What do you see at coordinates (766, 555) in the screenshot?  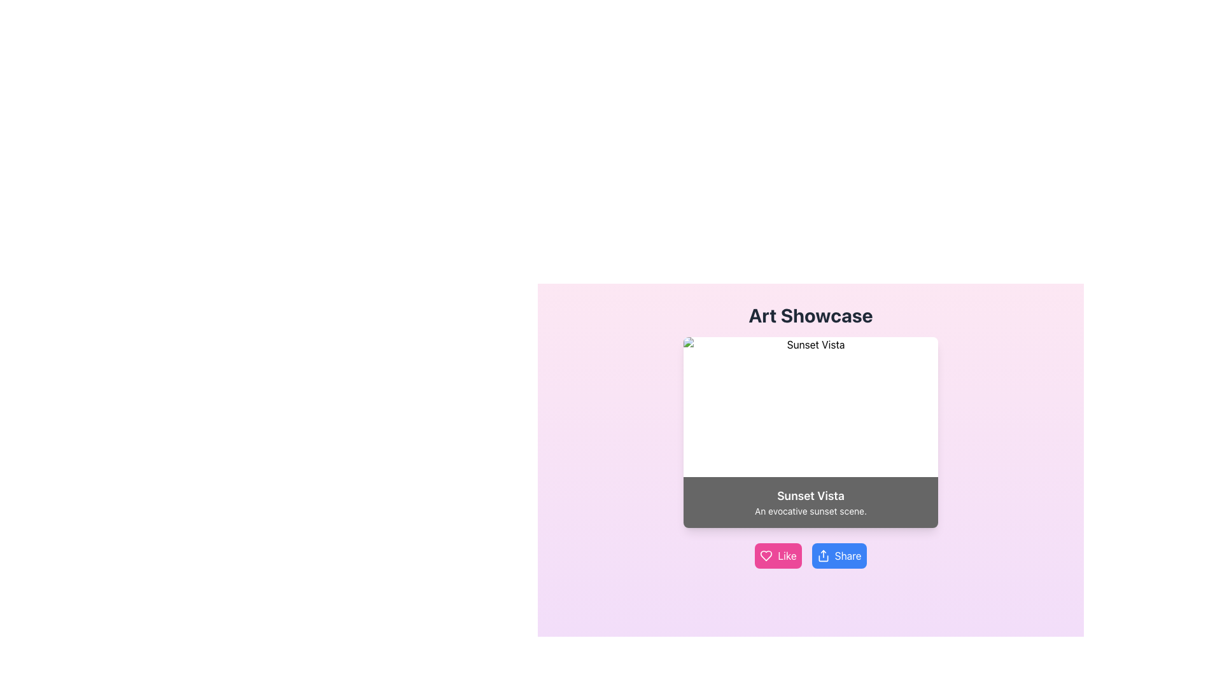 I see `the pink heart icon with a thin white outline, part of the 'Like' button` at bounding box center [766, 555].